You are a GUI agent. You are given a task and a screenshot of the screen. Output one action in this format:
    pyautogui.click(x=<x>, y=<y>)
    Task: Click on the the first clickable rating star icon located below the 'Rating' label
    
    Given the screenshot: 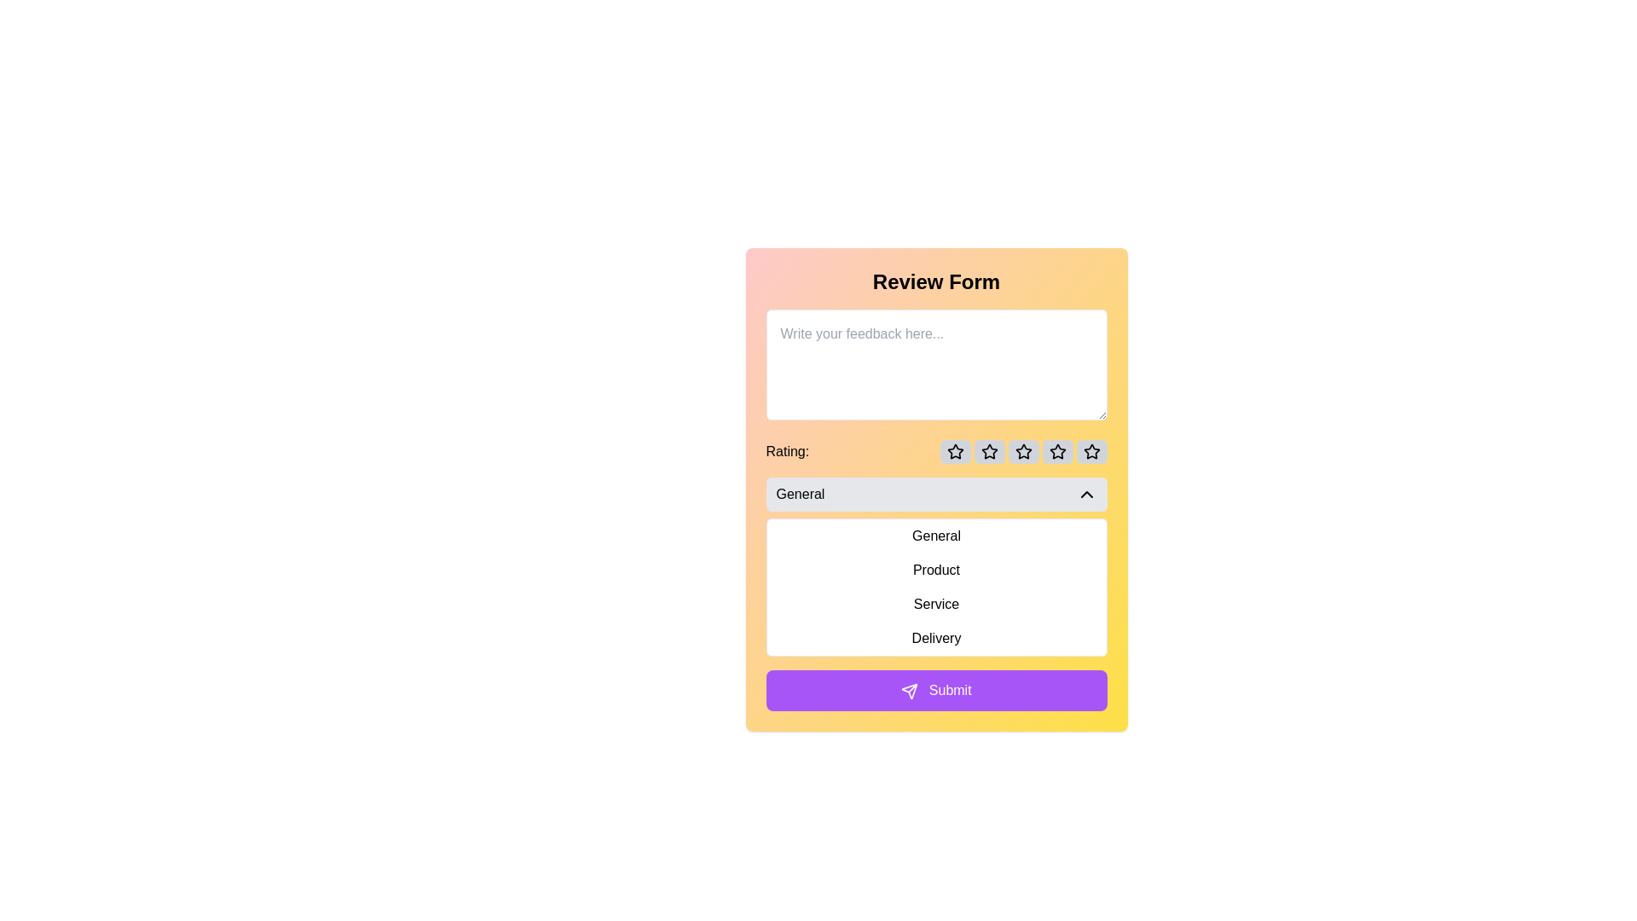 What is the action you would take?
    pyautogui.click(x=955, y=450)
    